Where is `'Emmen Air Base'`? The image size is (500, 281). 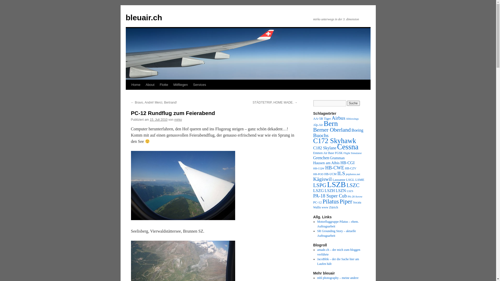 'Emmen Air Base' is located at coordinates (323, 153).